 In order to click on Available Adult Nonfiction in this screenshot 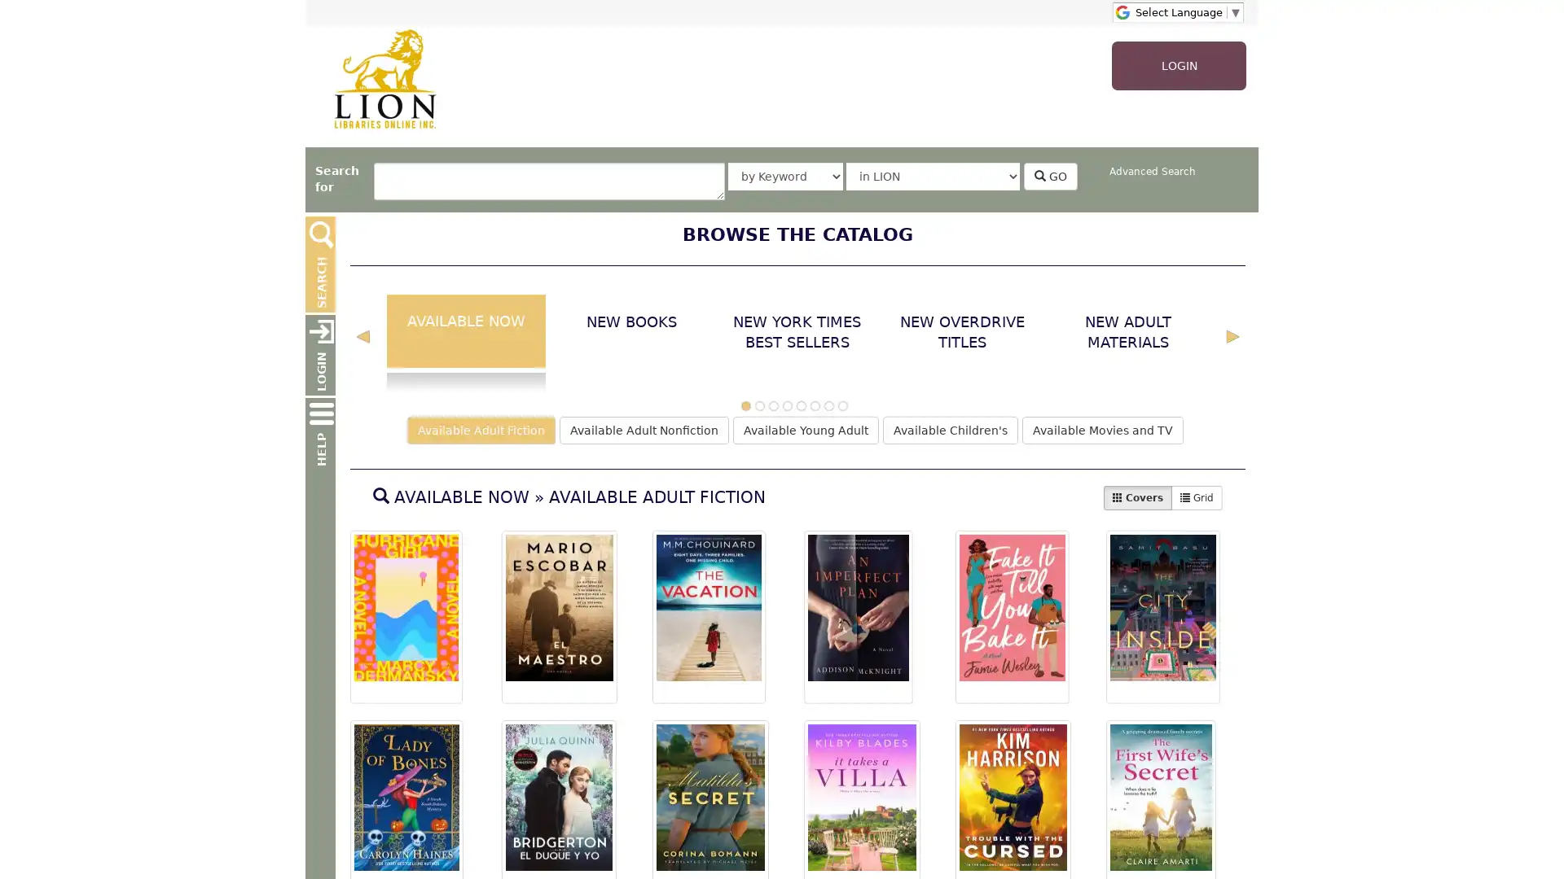, I will do `click(644, 429)`.